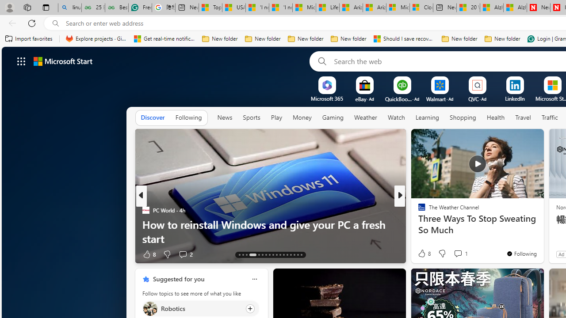 Image resolution: width=566 pixels, height=318 pixels. Describe the element at coordinates (422, 254) in the screenshot. I see `'86 Like'` at that location.